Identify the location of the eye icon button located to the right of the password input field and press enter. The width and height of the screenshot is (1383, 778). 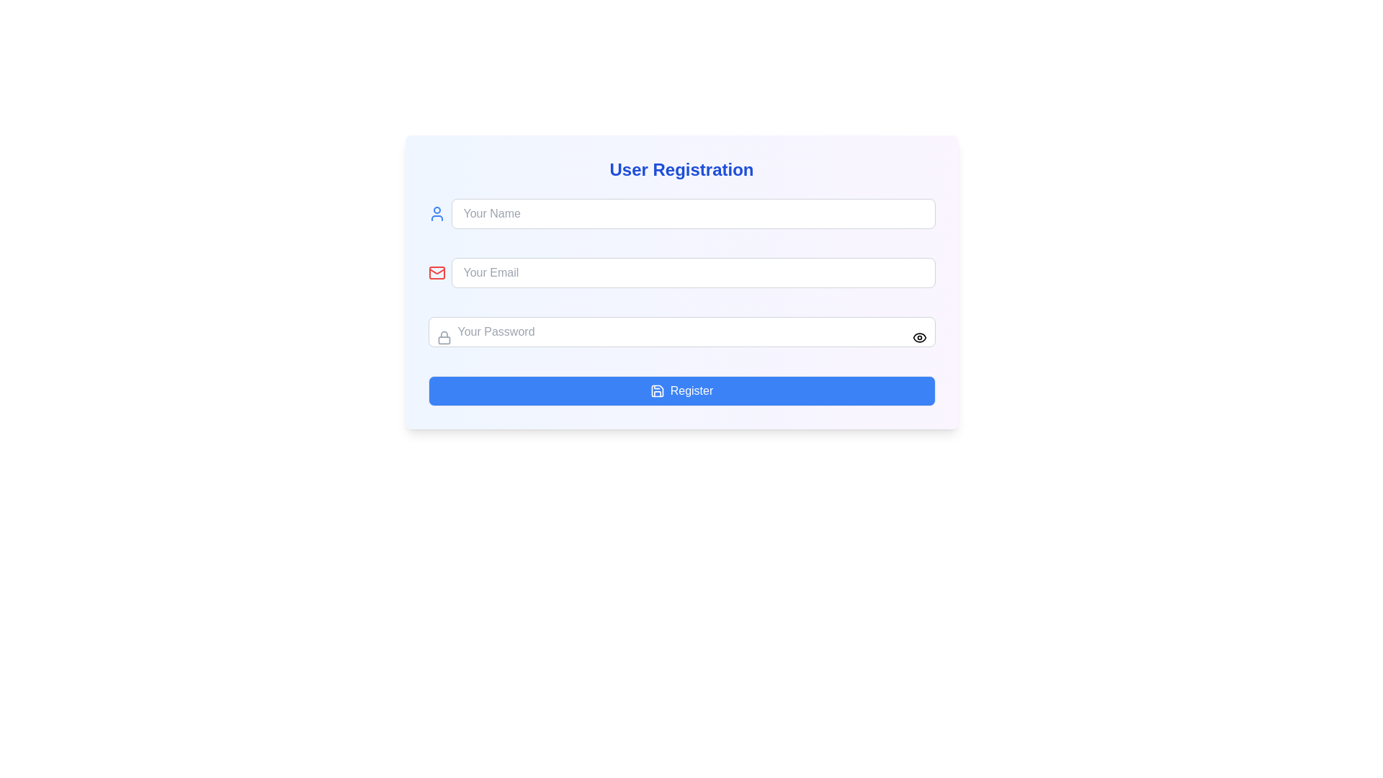
(918, 338).